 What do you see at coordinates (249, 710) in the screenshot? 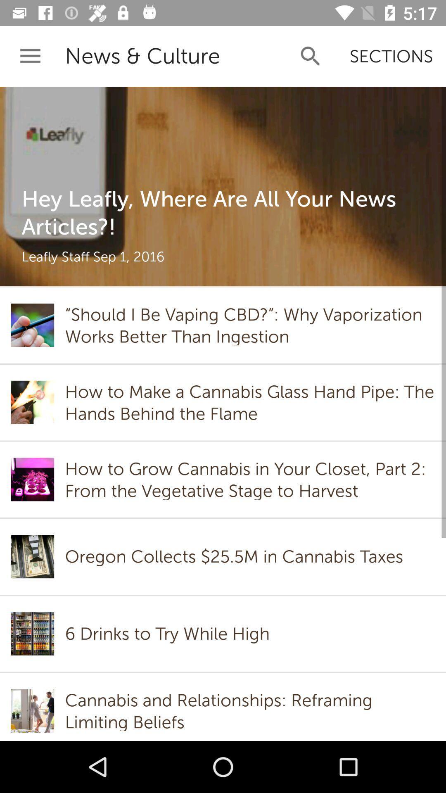
I see `icon below 6 drinks to item` at bounding box center [249, 710].